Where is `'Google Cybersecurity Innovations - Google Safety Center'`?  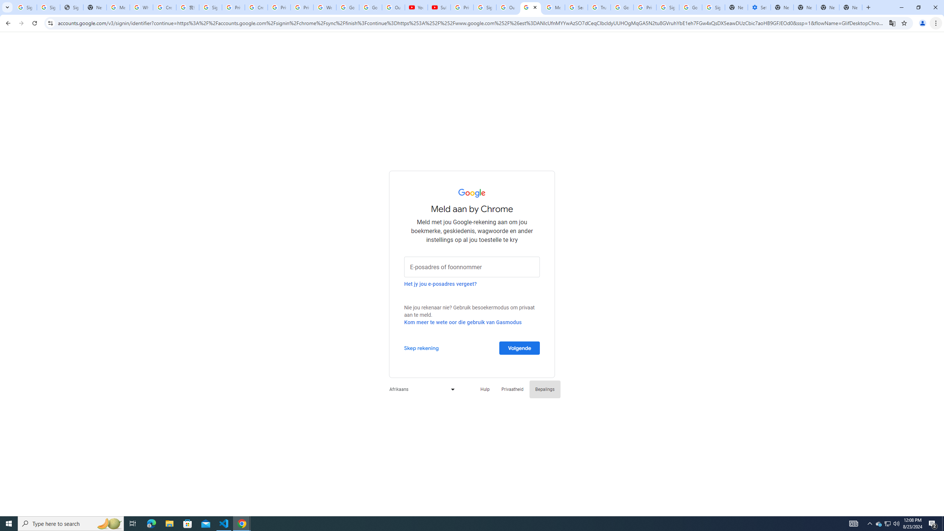 'Google Cybersecurity Innovations - Google Safety Center' is located at coordinates (690, 7).